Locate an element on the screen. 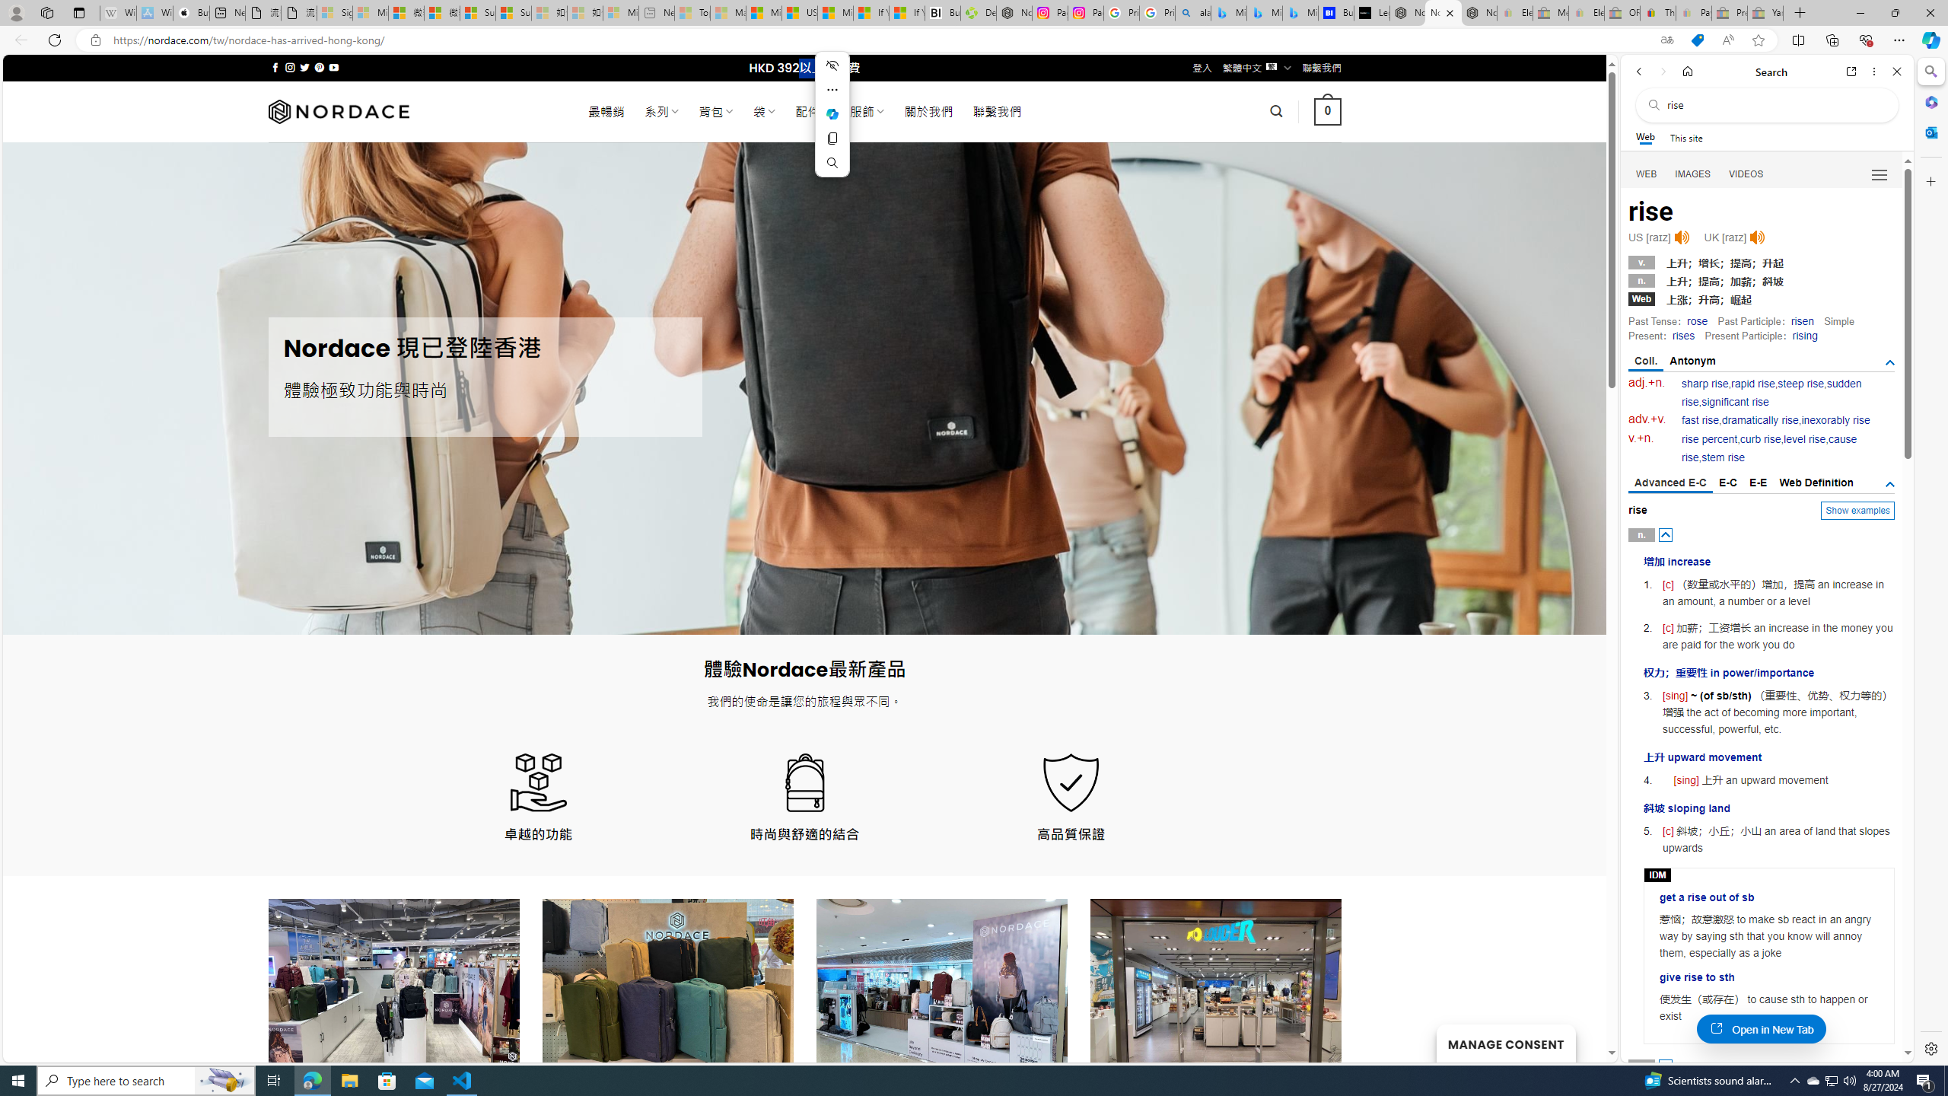  'cause rise' is located at coordinates (1768, 448).